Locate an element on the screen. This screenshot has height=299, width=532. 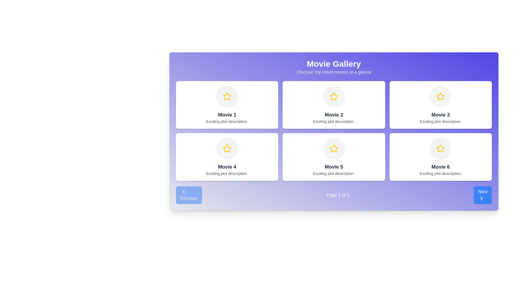
the star-shaped icon with a yellow outline located in the second card labeled 'Movie 2' is located at coordinates (333, 96).